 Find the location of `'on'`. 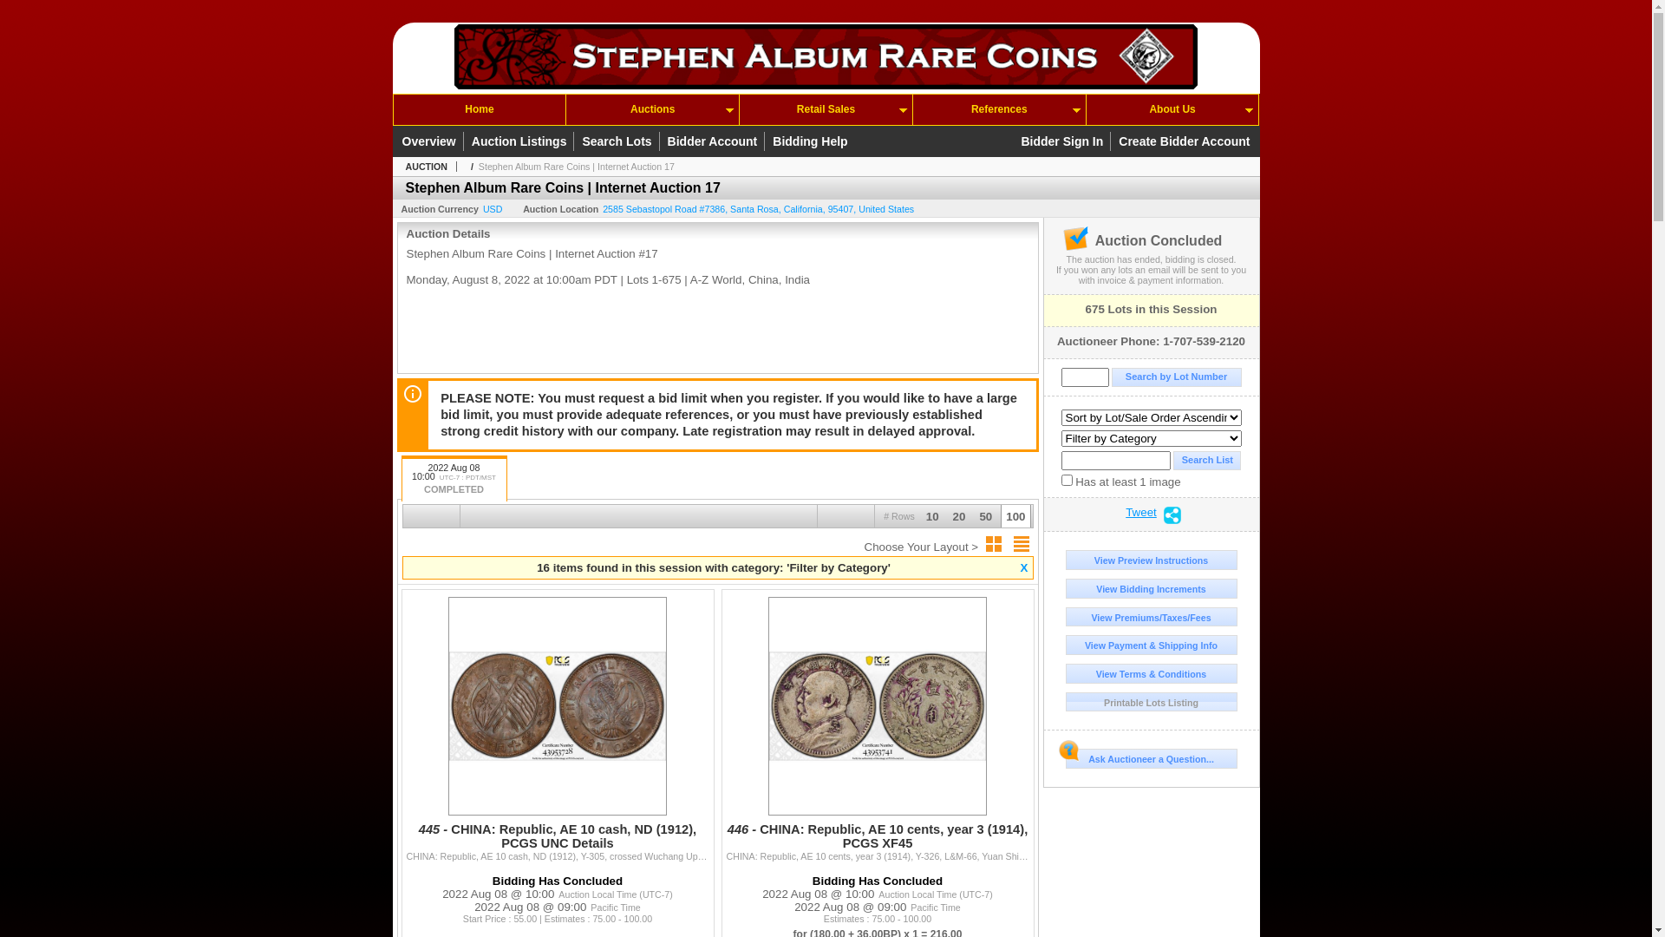

'on' is located at coordinates (1061, 480).